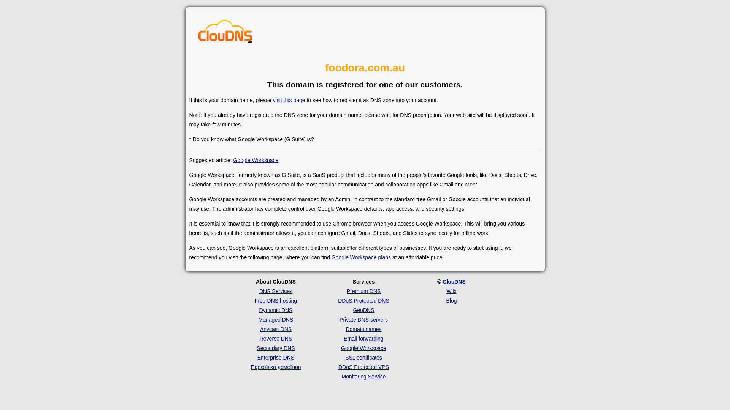  I want to click on 'Premium DNS', so click(363, 291).